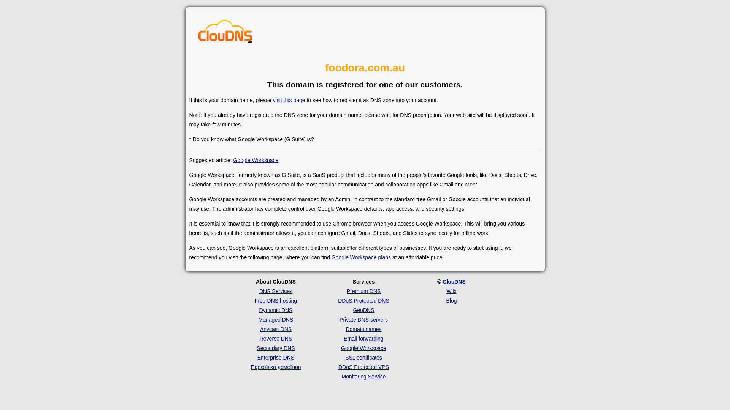  I want to click on 'Premium DNS', so click(363, 291).